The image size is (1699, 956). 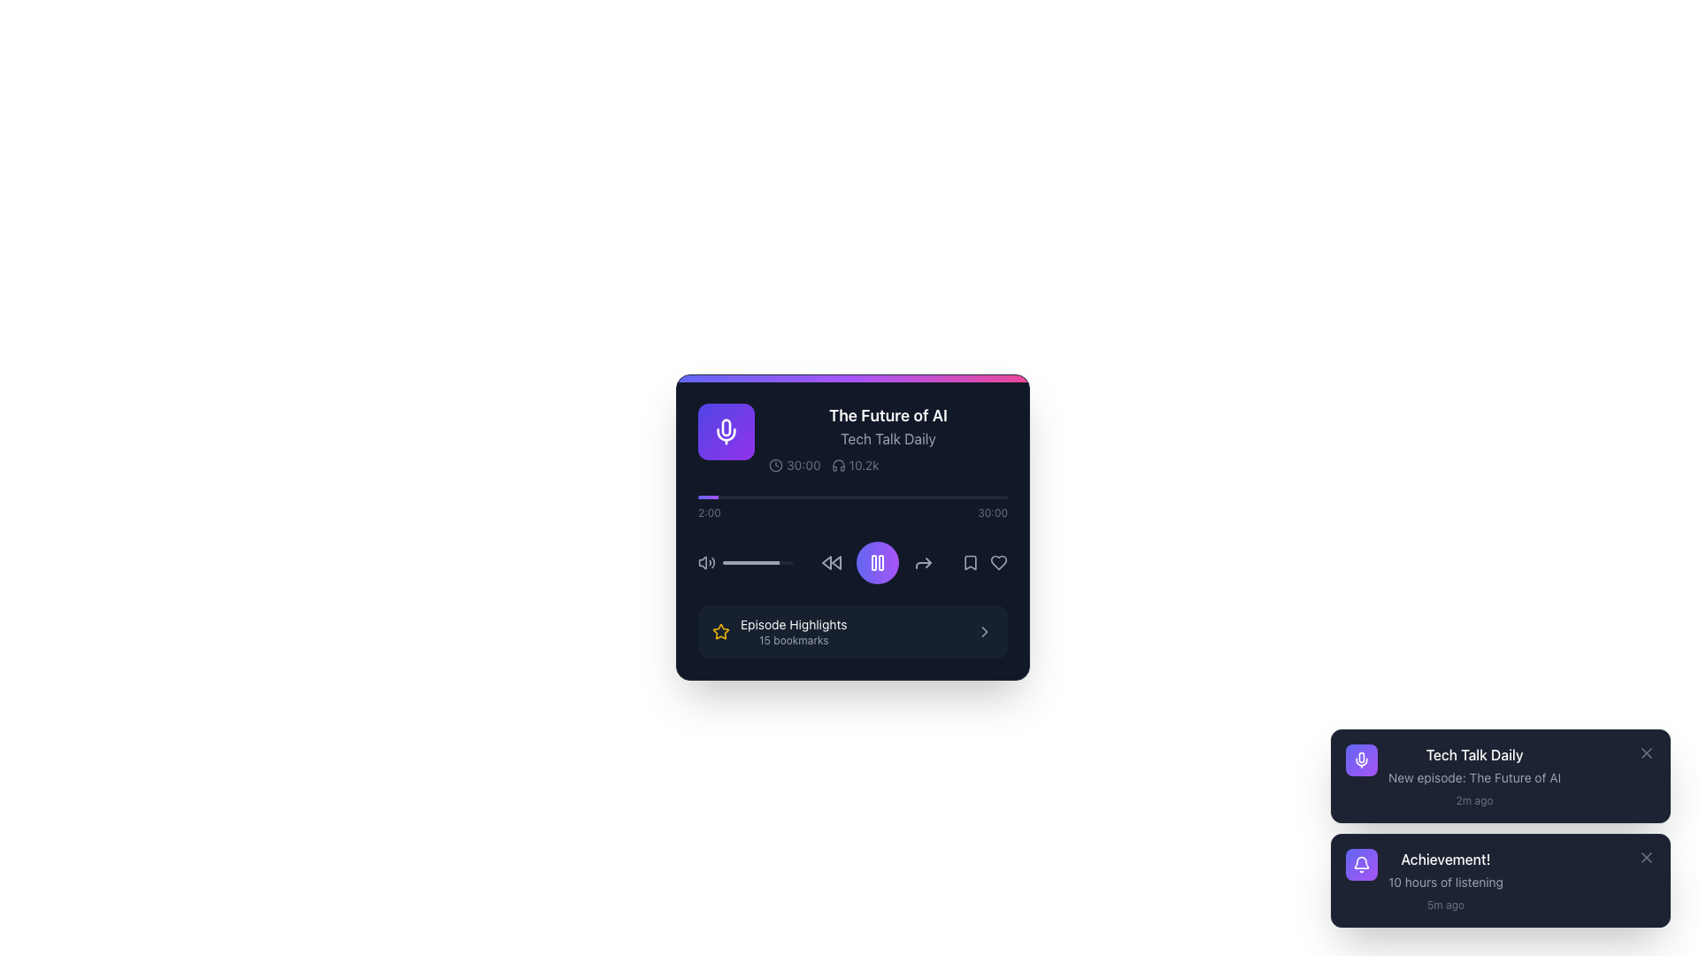 What do you see at coordinates (758, 563) in the screenshot?
I see `the progress bar located at the rightmost position in the horizontal arrangement, adjacent to the sound volume icon, to interact with it` at bounding box center [758, 563].